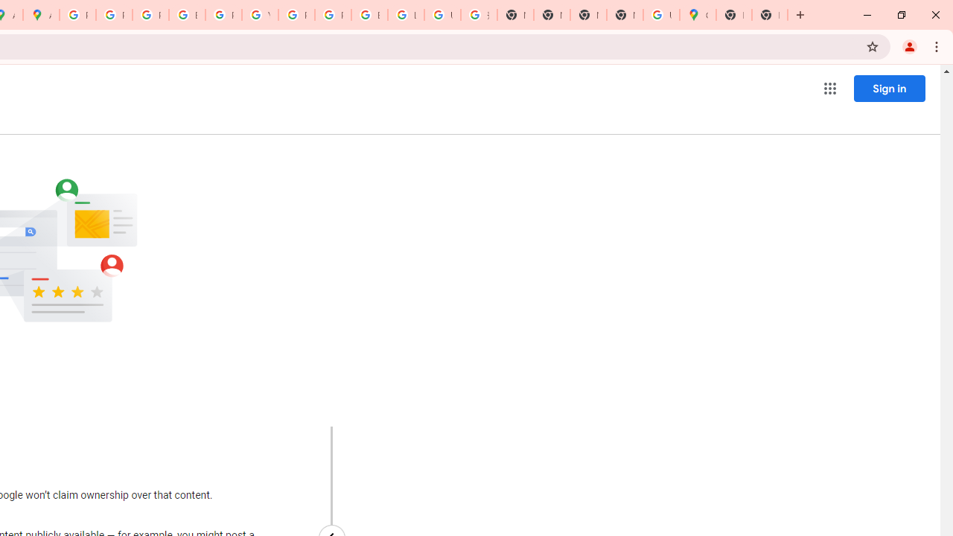  I want to click on 'Browse Chrome as a guest - Computer - Google Chrome Help', so click(369, 15).